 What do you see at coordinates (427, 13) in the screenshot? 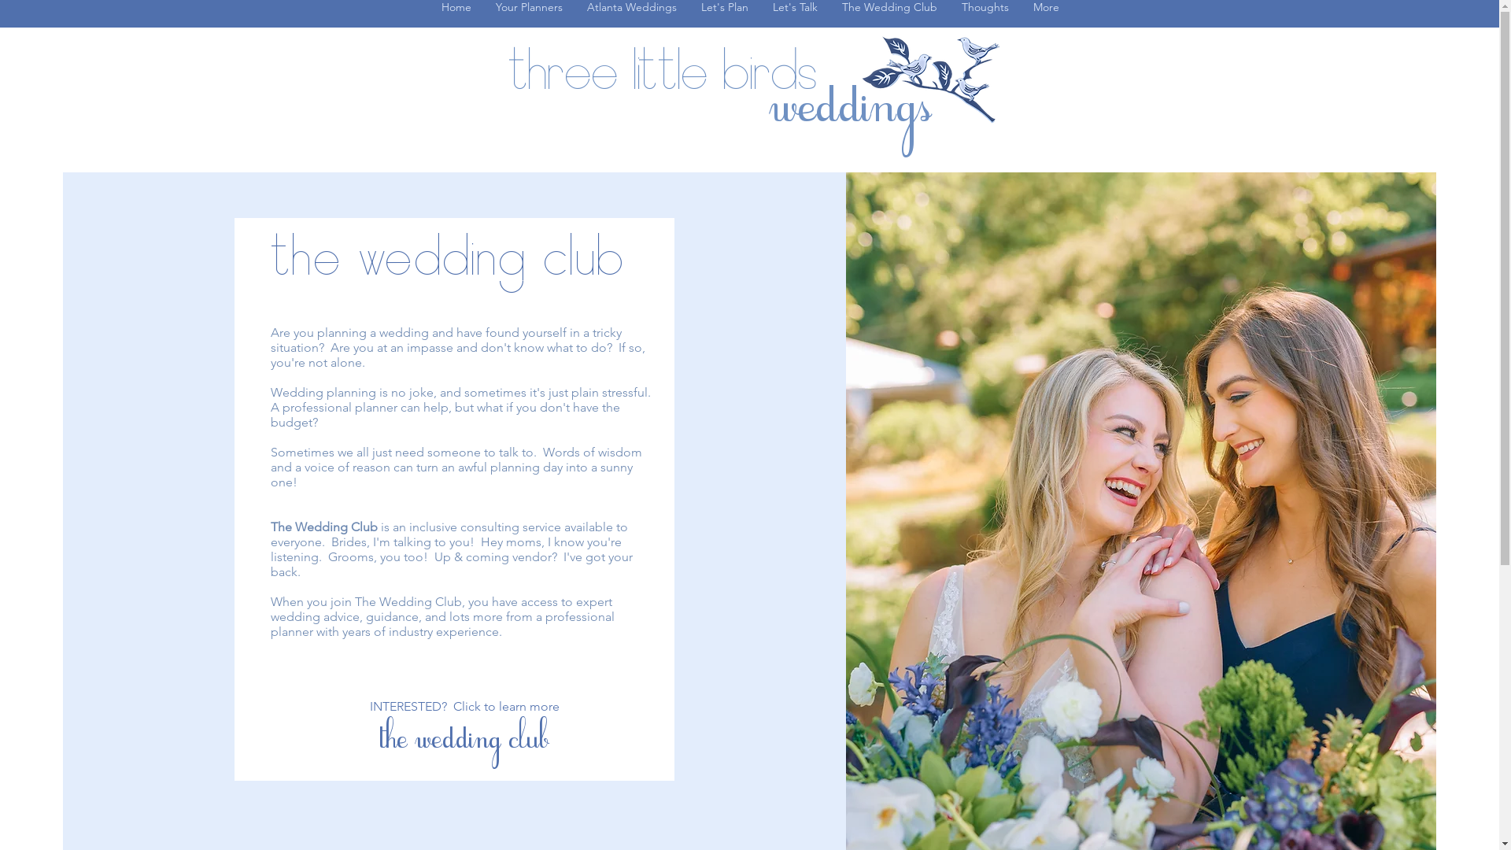
I see `'Home'` at bounding box center [427, 13].